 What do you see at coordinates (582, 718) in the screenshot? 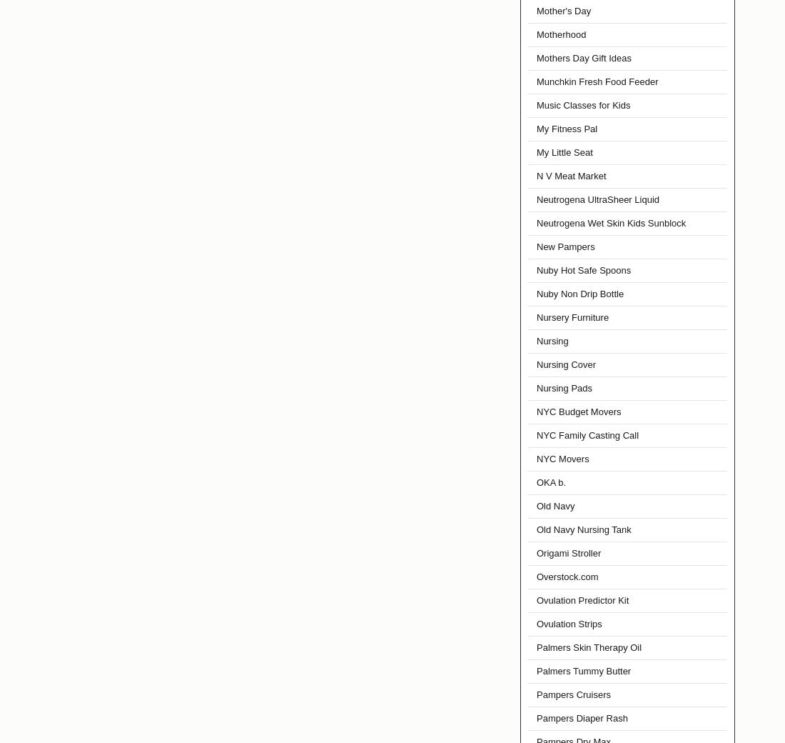
I see `'Pampers Diaper Rash'` at bounding box center [582, 718].